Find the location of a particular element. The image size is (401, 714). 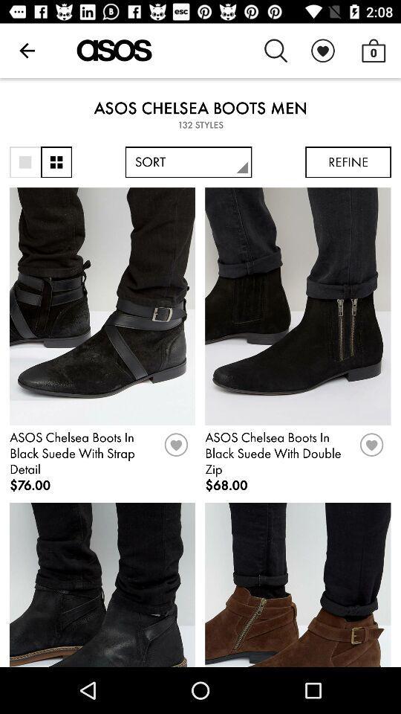

sort by window is located at coordinates (25, 162).